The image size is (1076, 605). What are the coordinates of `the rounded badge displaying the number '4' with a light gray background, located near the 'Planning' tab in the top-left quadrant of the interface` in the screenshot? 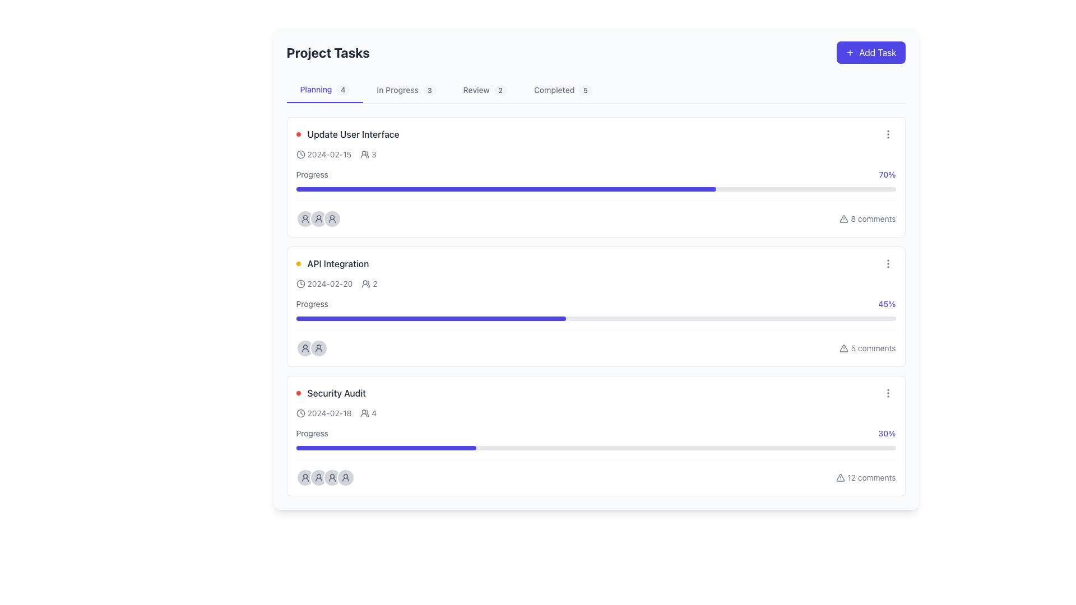 It's located at (342, 89).